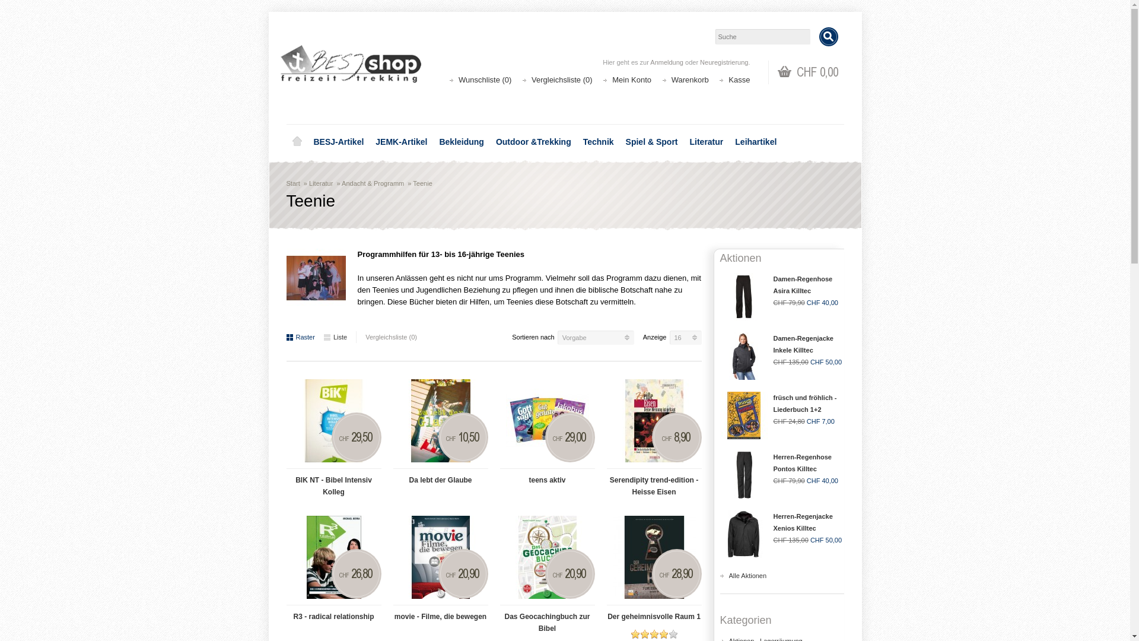 Image resolution: width=1139 pixels, height=641 pixels. What do you see at coordinates (612, 420) in the screenshot?
I see `'Serendipity trend-edition - Heisse Eisen'` at bounding box center [612, 420].